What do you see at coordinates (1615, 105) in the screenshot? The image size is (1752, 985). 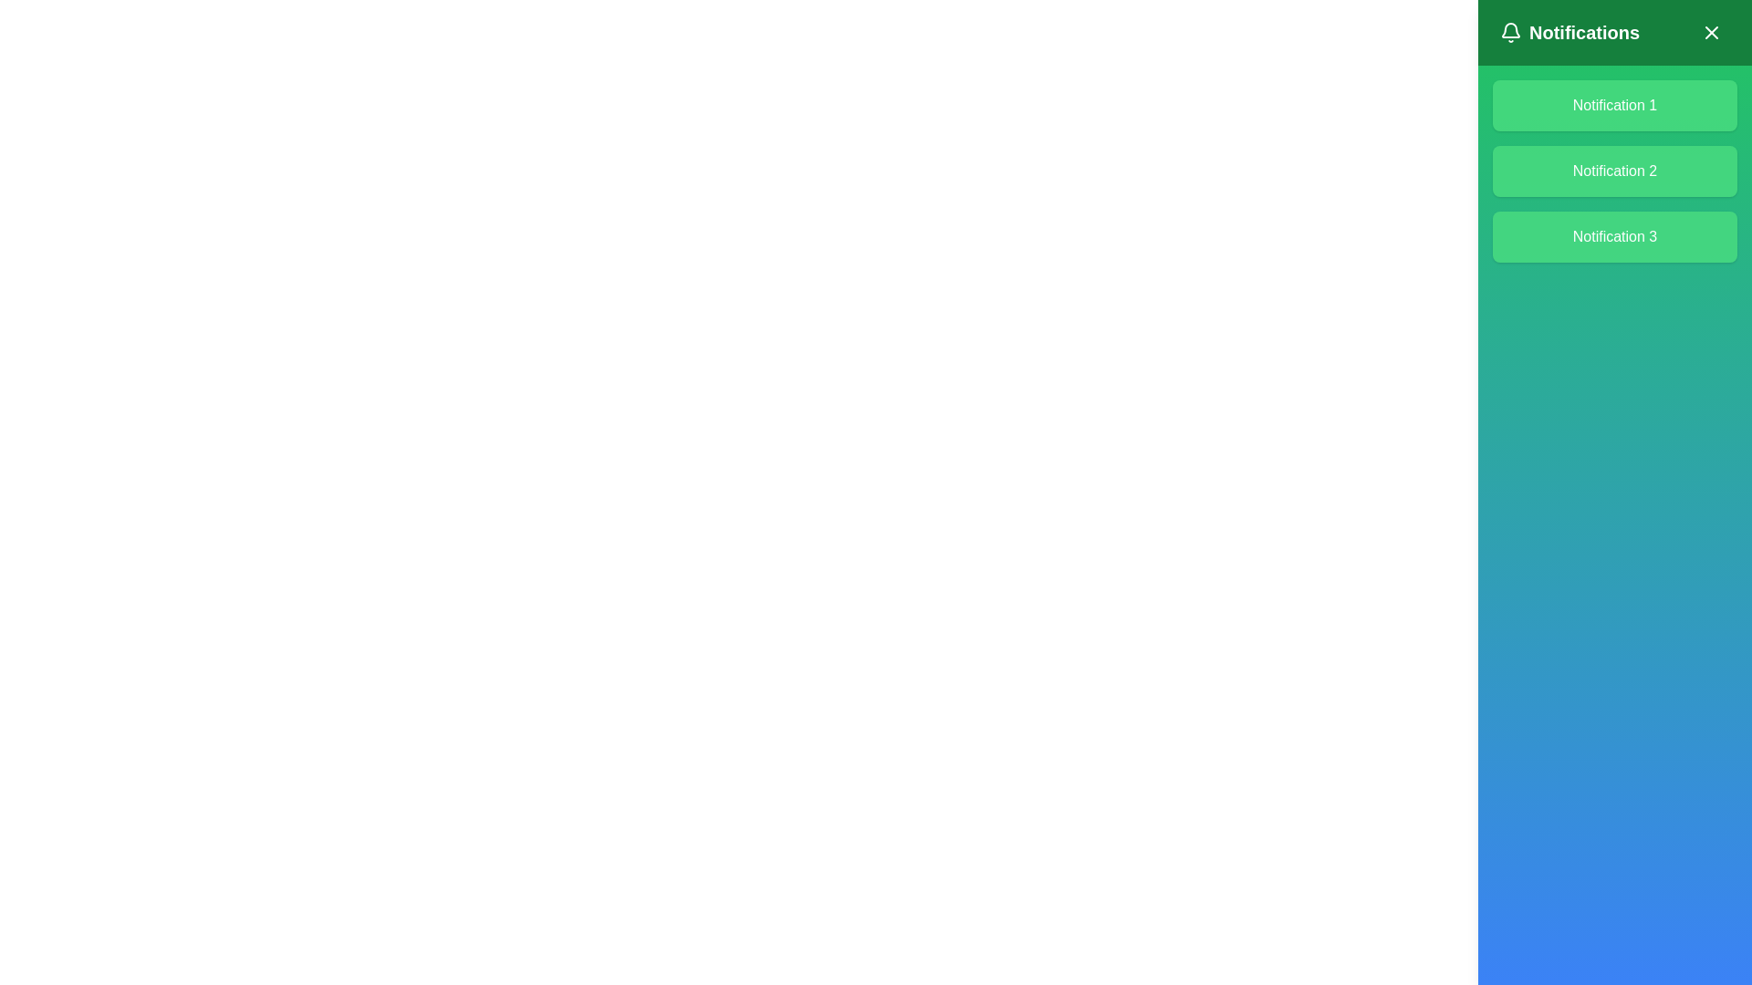 I see `text of the static label displaying the title of the notification within the green notification card at the top of the vertical list in the notification panel` at bounding box center [1615, 105].